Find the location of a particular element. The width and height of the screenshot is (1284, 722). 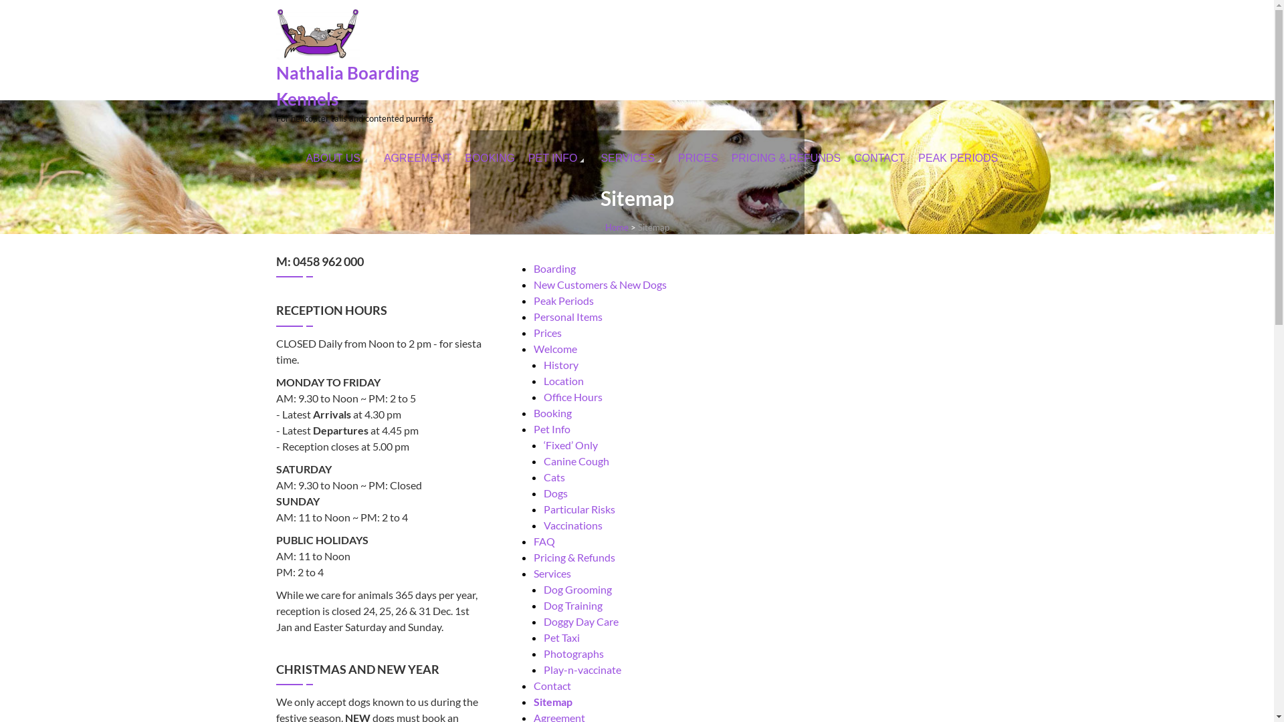

'New Customers & New Dogs' is located at coordinates (599, 283).